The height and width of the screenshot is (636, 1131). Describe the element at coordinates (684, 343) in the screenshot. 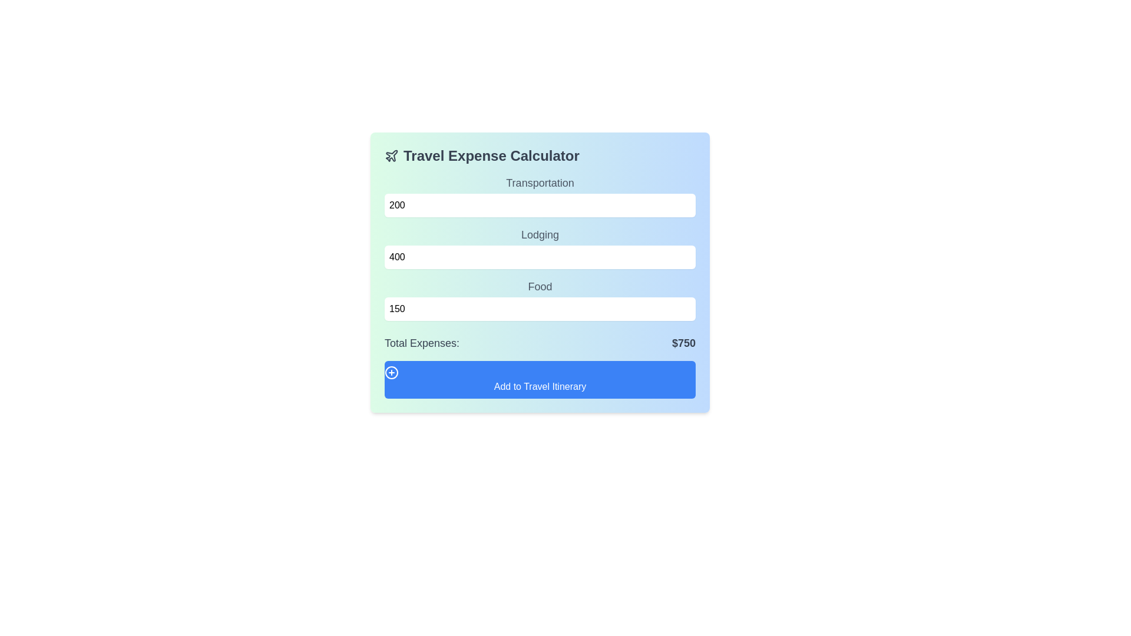

I see `the static text displaying the total expenses calculated by the application, located at the bottom-right of the form interface, to the right of the 'Total Expenses:' label` at that location.